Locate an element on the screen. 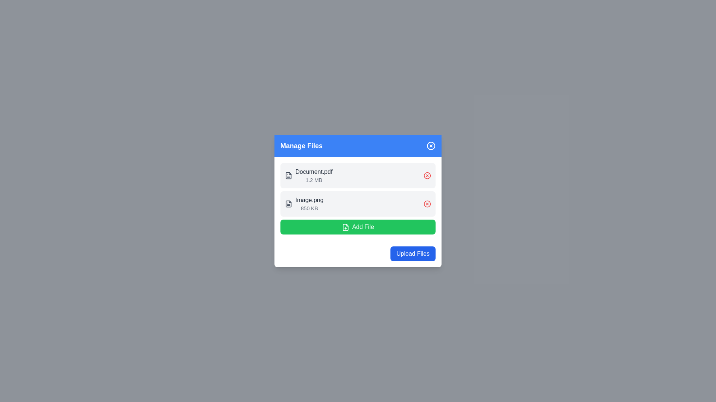 The image size is (716, 402). the circular close button with a blue background and white borders located at the top-right corner of the 'Manage Files' section is located at coordinates (431, 146).